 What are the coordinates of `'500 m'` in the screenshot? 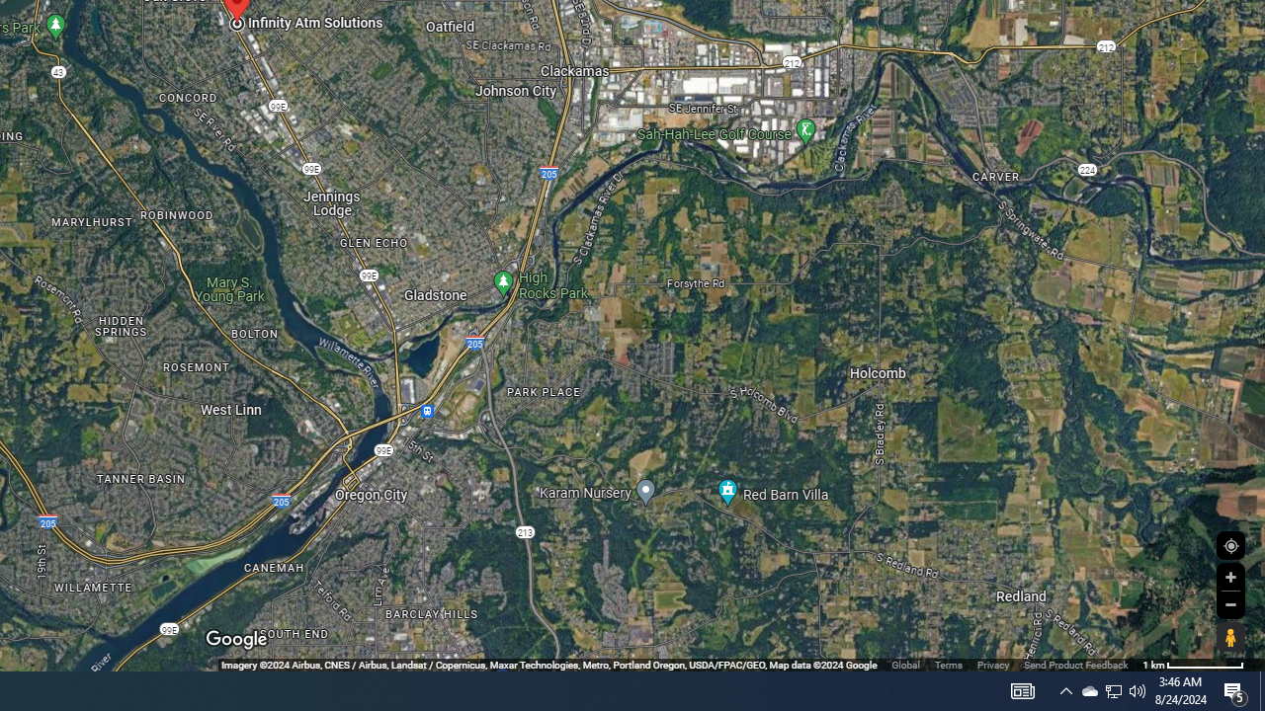 It's located at (1192, 665).